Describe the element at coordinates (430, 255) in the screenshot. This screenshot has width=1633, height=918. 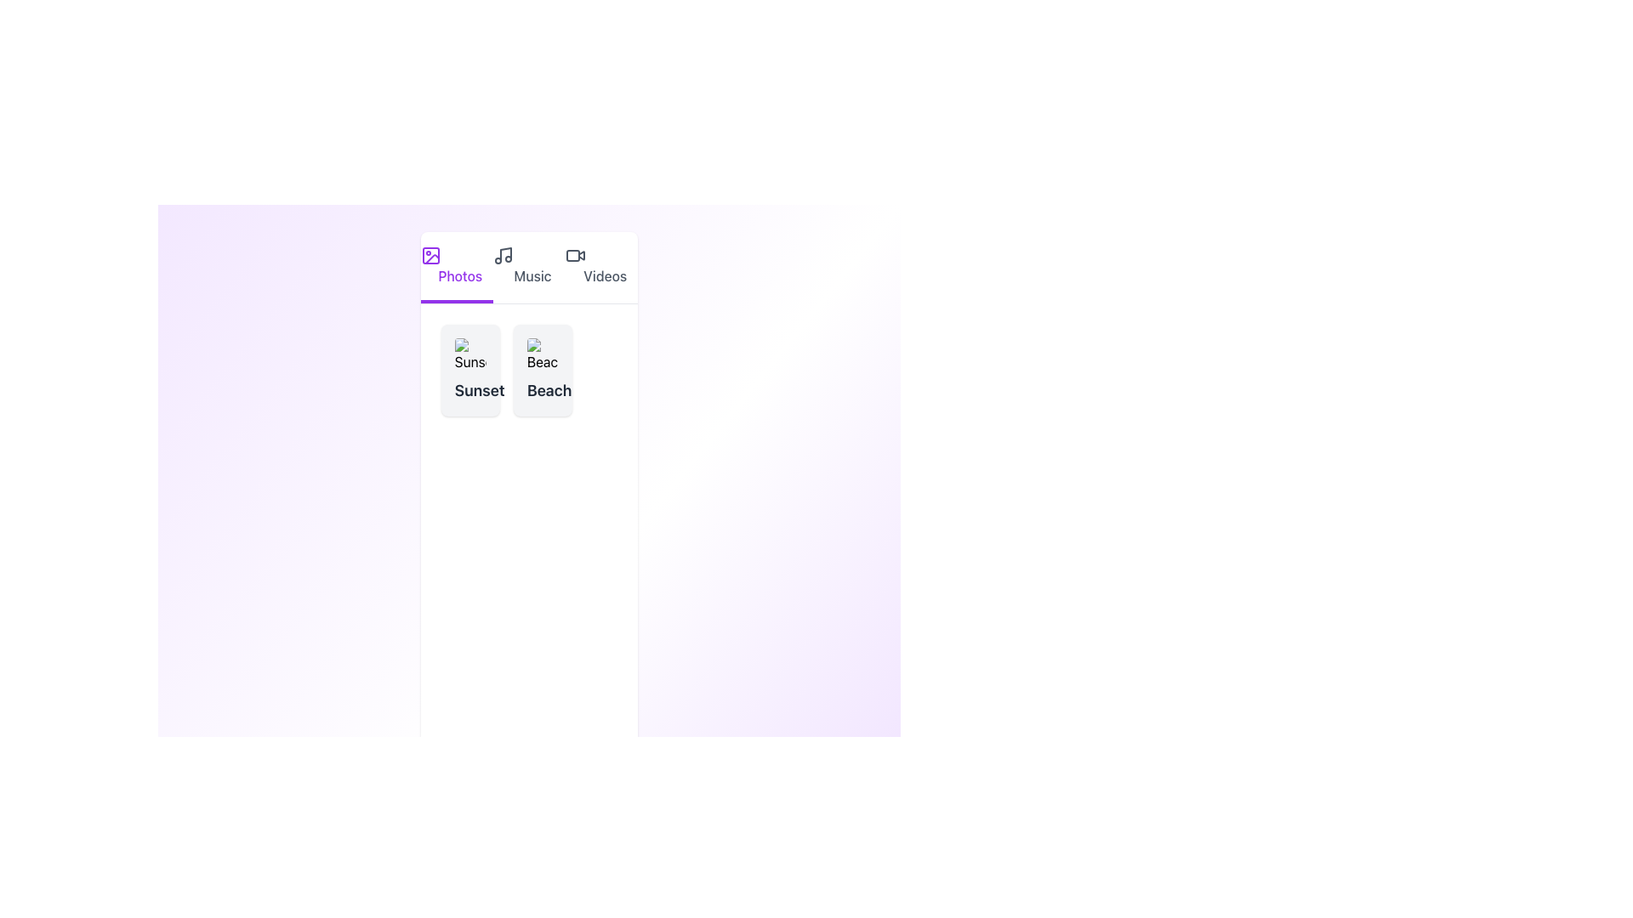
I see `the small rectangular shape with rounded corners inside the SVG icon representing an image, located to the left of the 'Photos' text in the navigation bar` at that location.